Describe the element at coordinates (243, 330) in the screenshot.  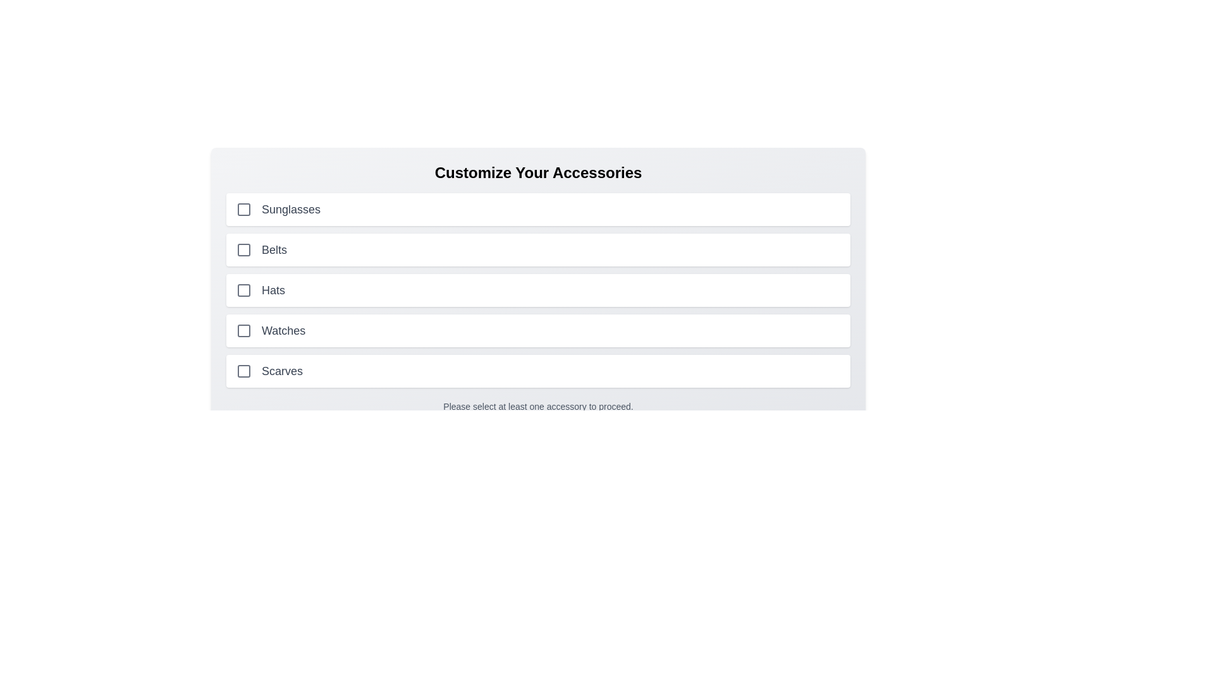
I see `the checkbox at the left end of the 'Watches' row` at that location.